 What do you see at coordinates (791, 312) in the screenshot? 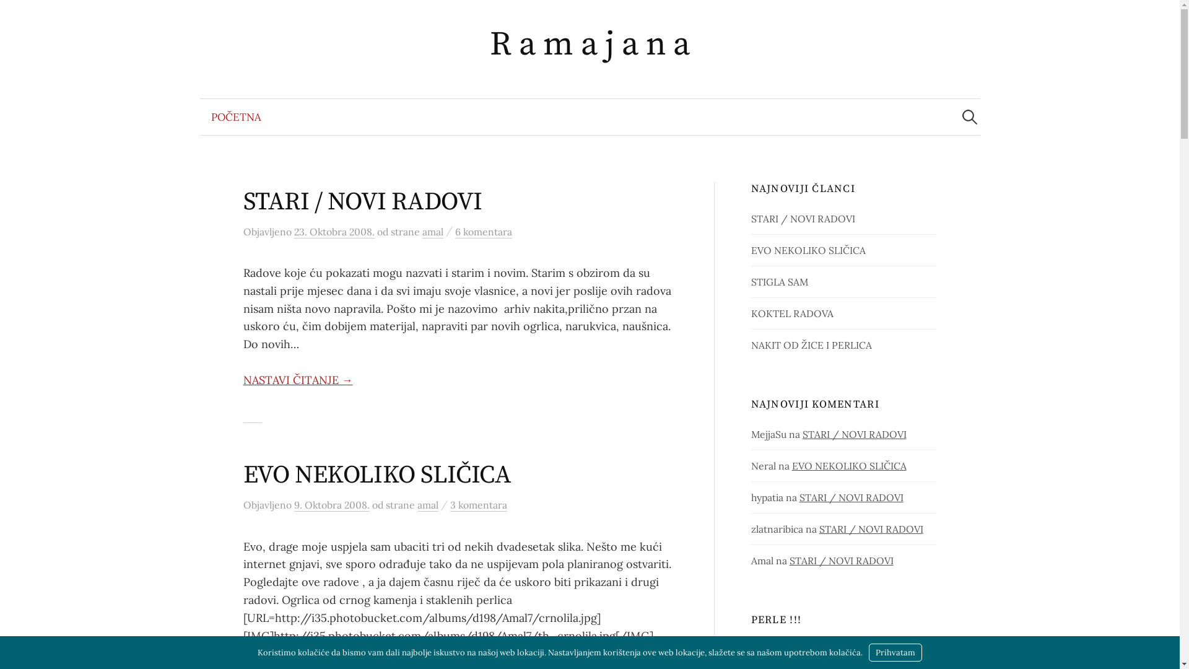
I see `'KOKTEL RADOVA'` at bounding box center [791, 312].